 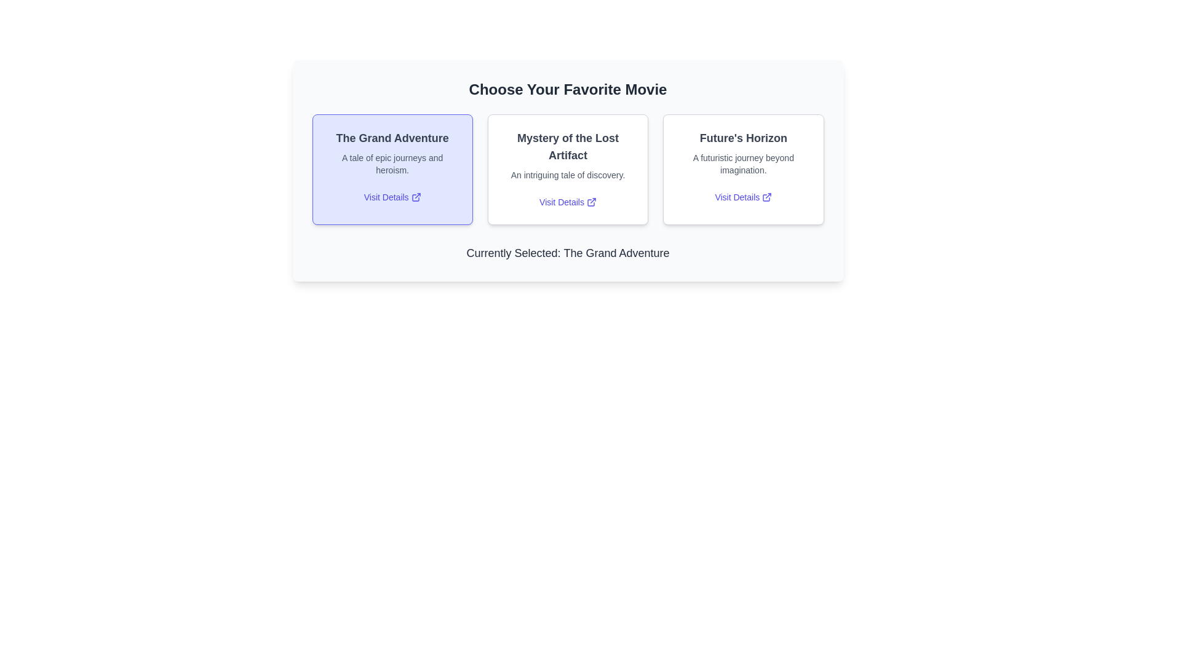 What do you see at coordinates (392, 163) in the screenshot?
I see `the text label displaying 'A tale of epic journeys and heroism.' located beneath the title 'The Grand Adventure.'` at bounding box center [392, 163].